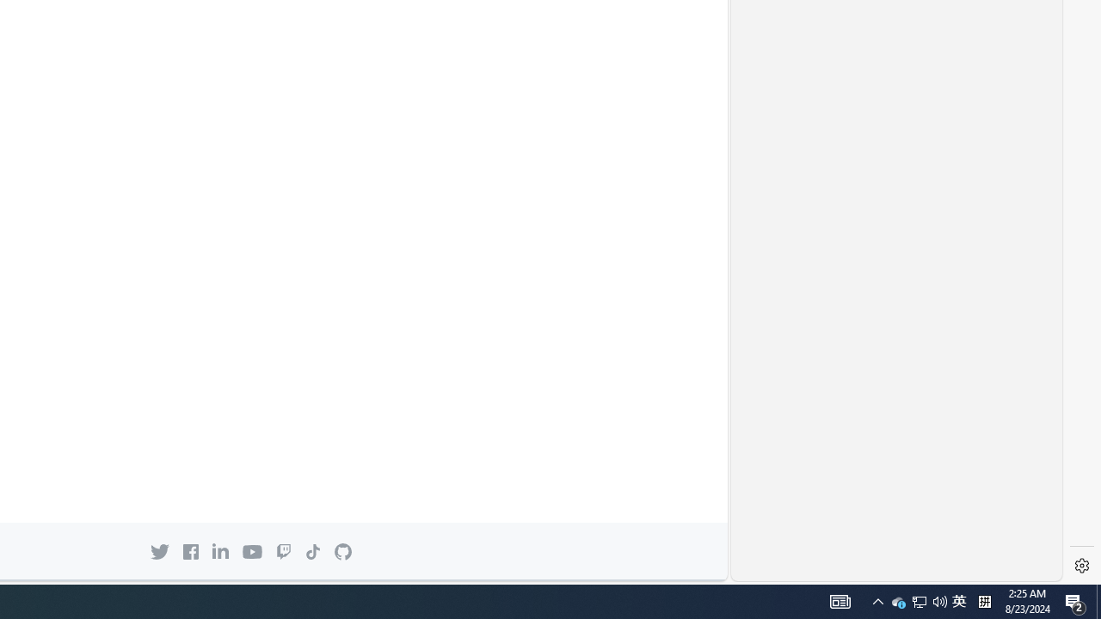  What do you see at coordinates (251, 552) in the screenshot?
I see `'YouTube icon GitHub on YouTube'` at bounding box center [251, 552].